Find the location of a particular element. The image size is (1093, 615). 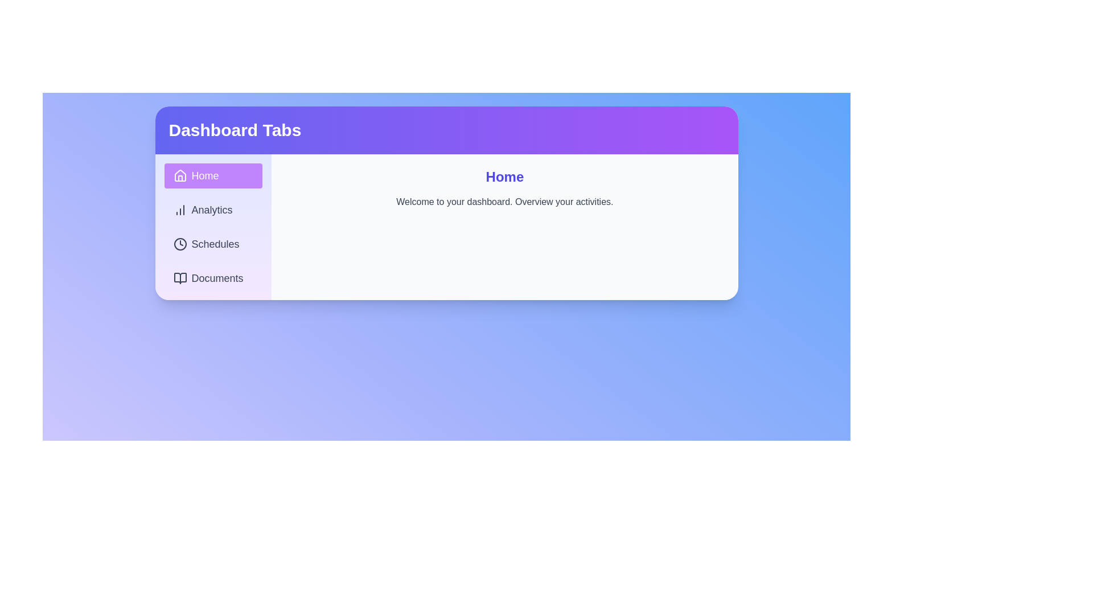

the Schedules tab by clicking on it is located at coordinates (213, 243).